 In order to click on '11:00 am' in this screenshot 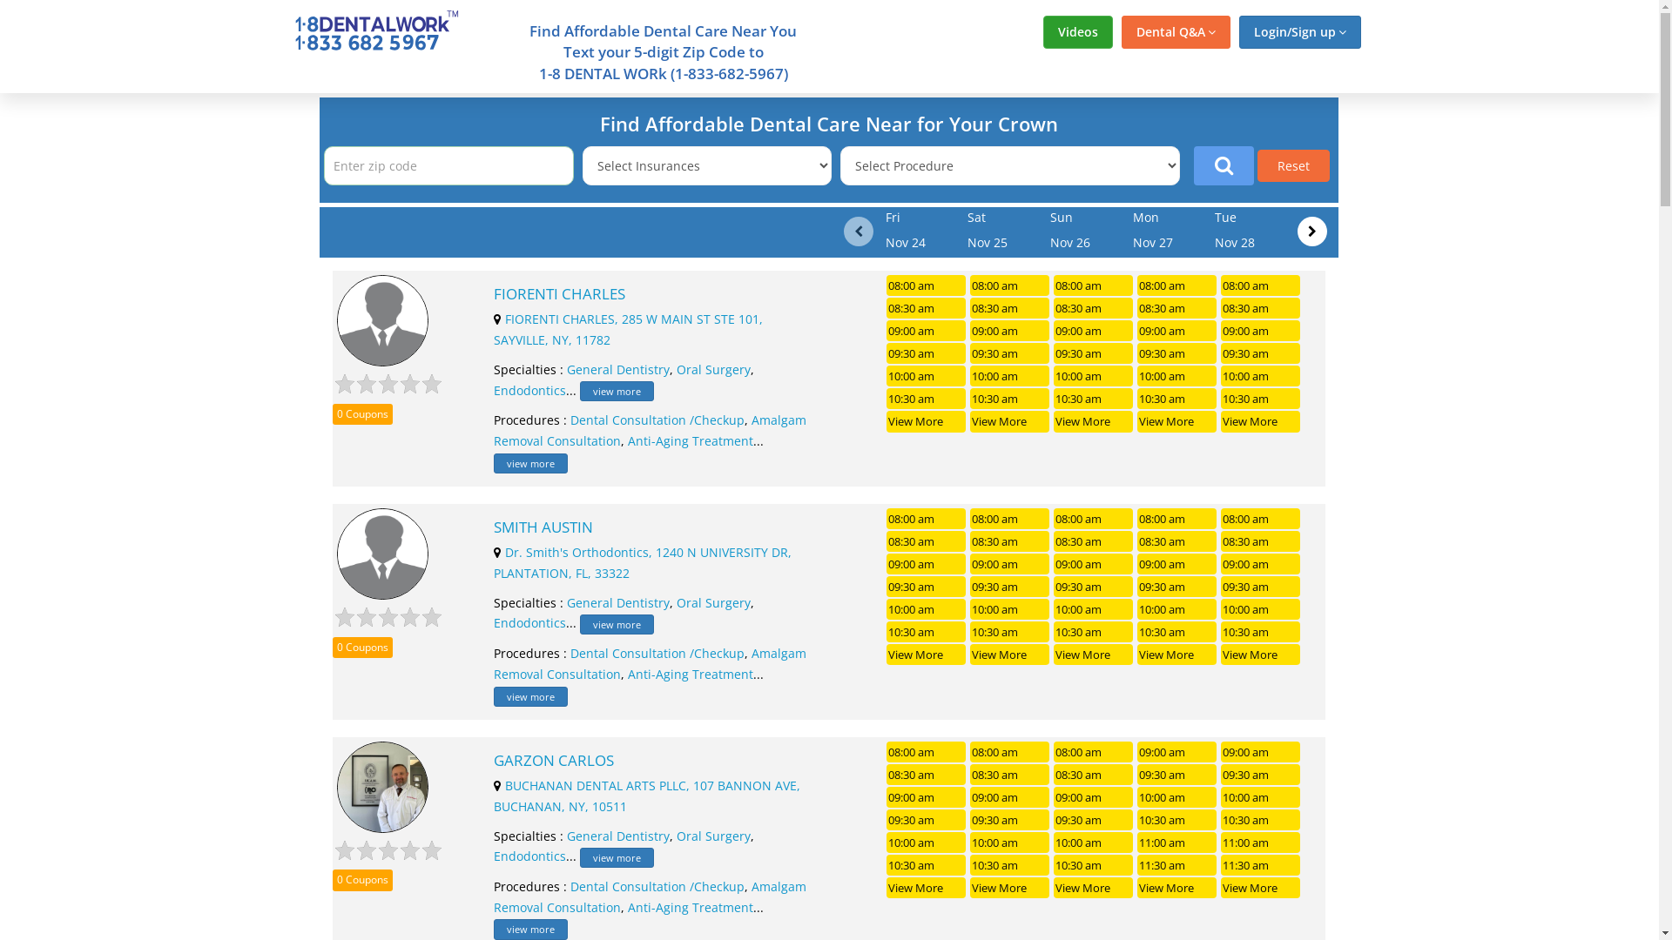, I will do `click(1176, 842)`.